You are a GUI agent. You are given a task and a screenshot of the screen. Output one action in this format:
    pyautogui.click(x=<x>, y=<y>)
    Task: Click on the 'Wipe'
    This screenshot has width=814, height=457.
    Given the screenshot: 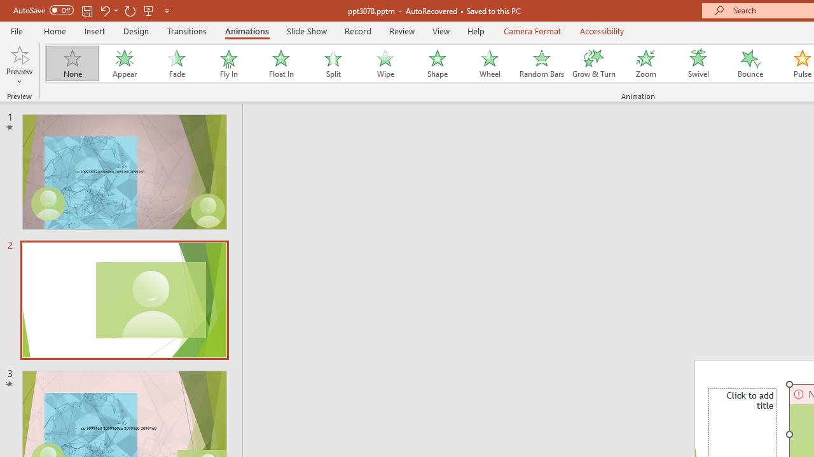 What is the action you would take?
    pyautogui.click(x=384, y=63)
    